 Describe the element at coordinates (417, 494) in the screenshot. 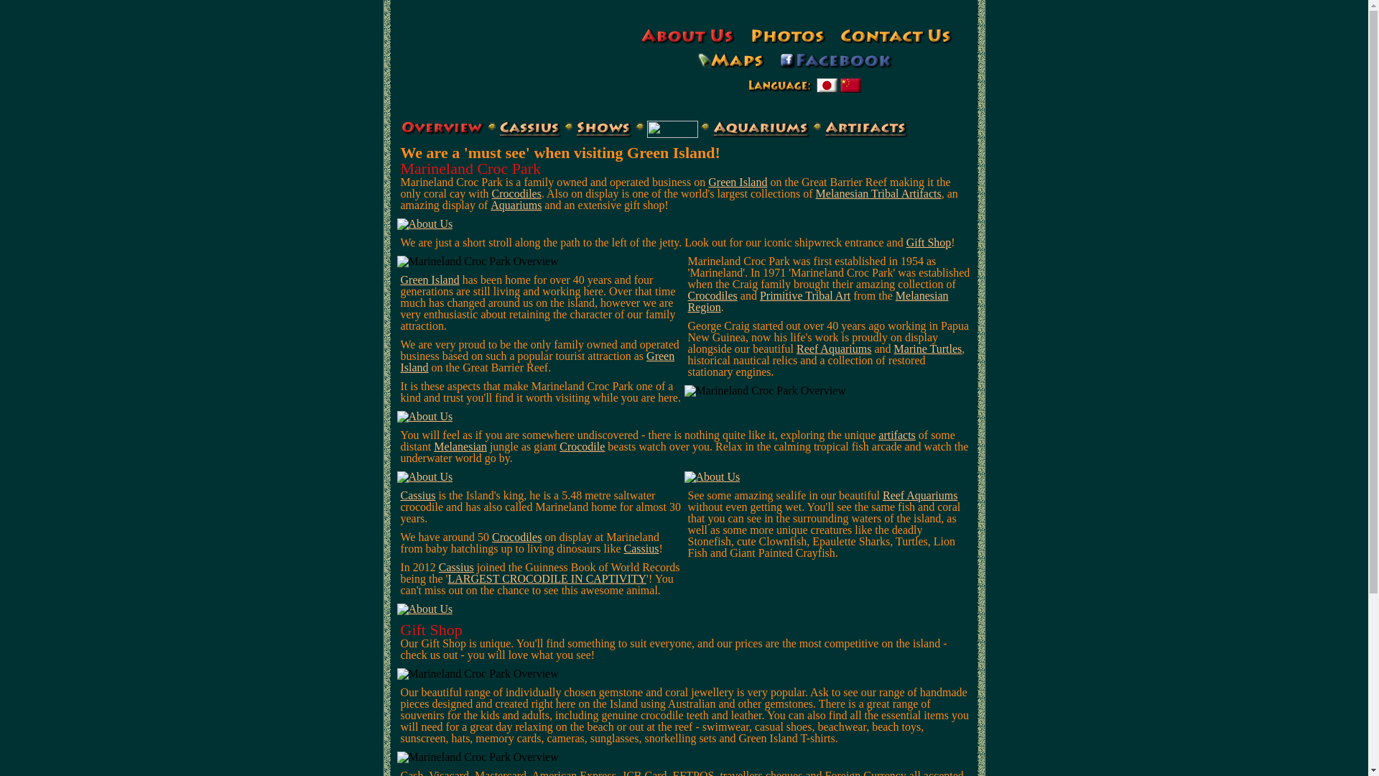

I see `'Cassius'` at that location.